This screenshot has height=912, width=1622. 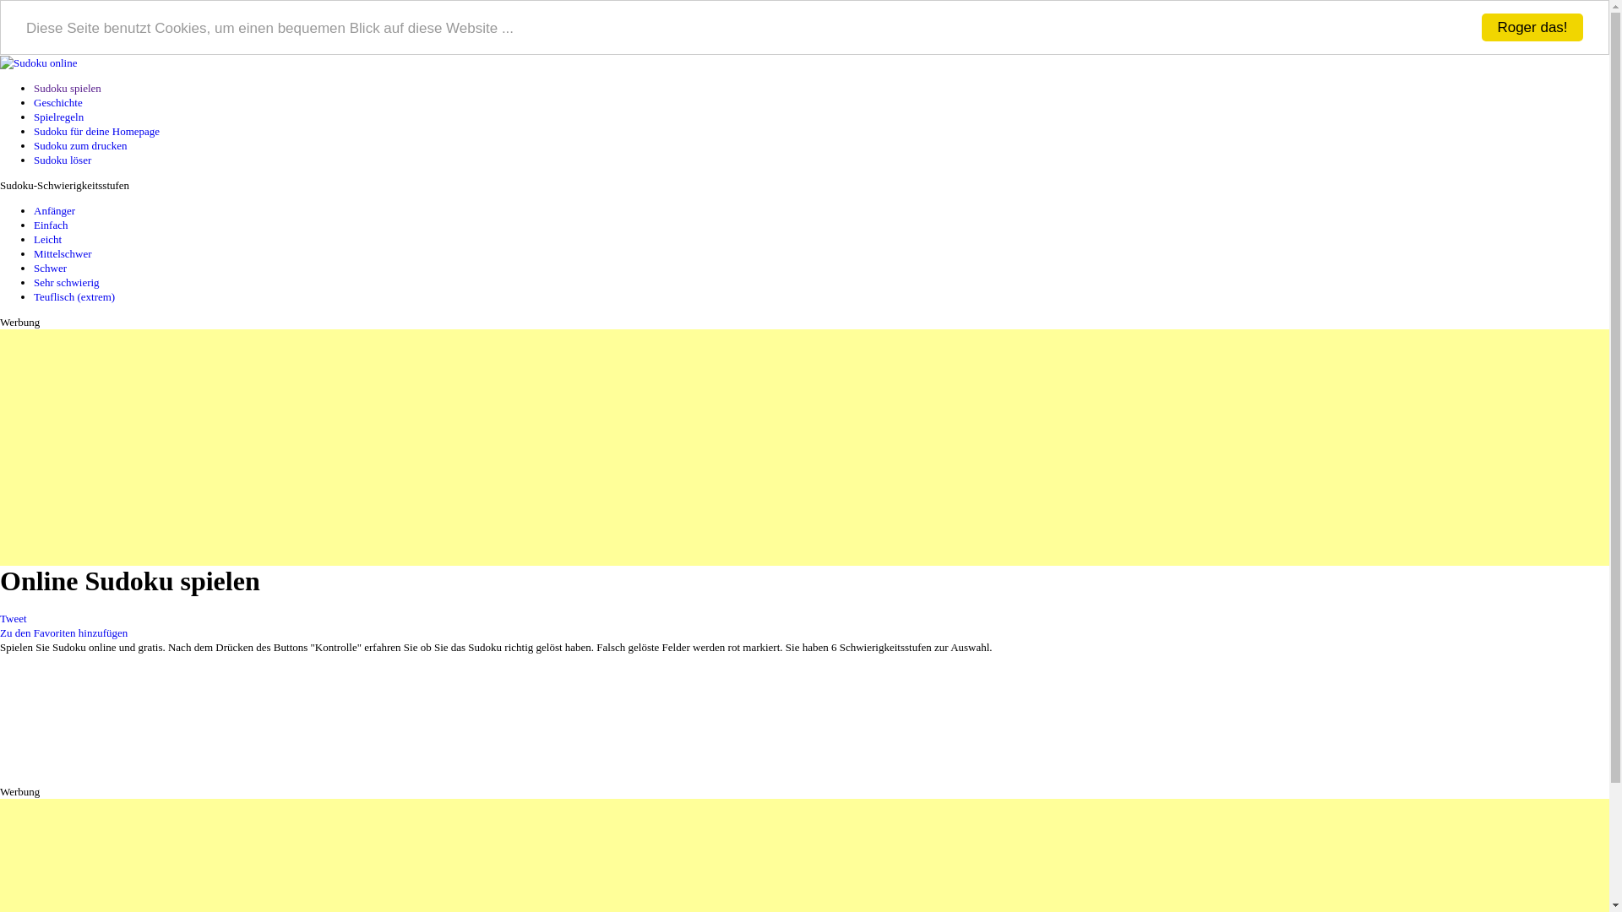 What do you see at coordinates (38, 62) in the screenshot?
I see `'Sudoku online kostenlos spielen | 123Sudoku.ch'` at bounding box center [38, 62].